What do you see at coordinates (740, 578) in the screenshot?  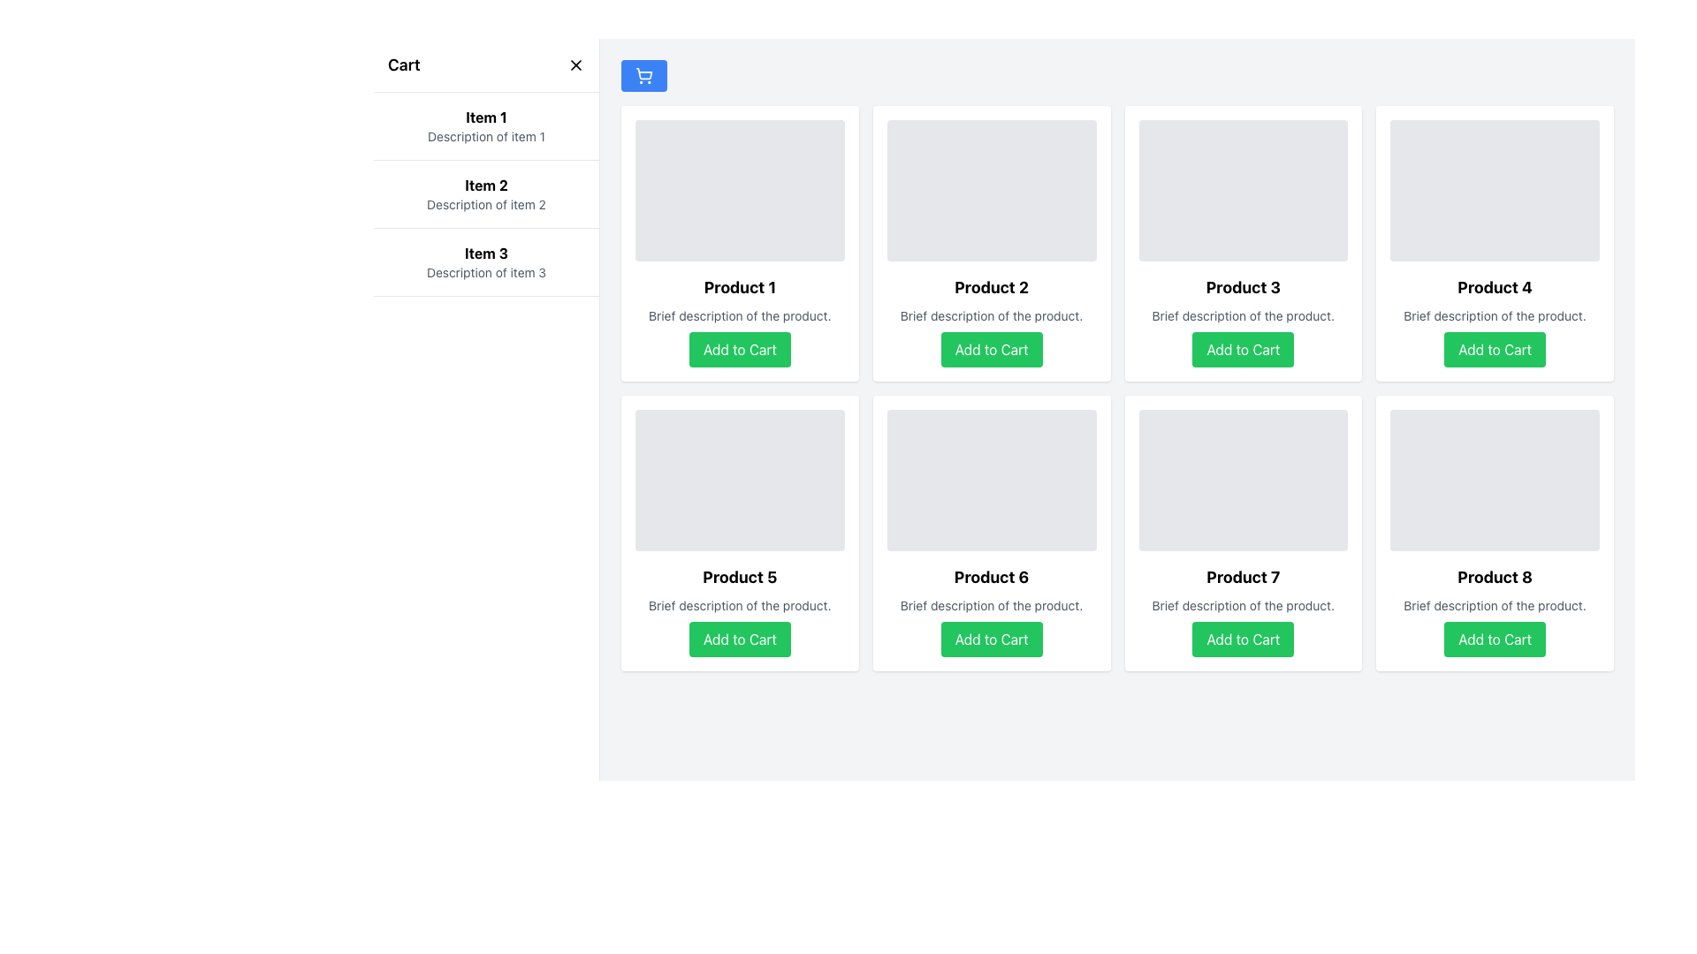 I see `text content of the Text Label that serves as the product title in the card layout located in the second row and first column of the grid` at bounding box center [740, 578].